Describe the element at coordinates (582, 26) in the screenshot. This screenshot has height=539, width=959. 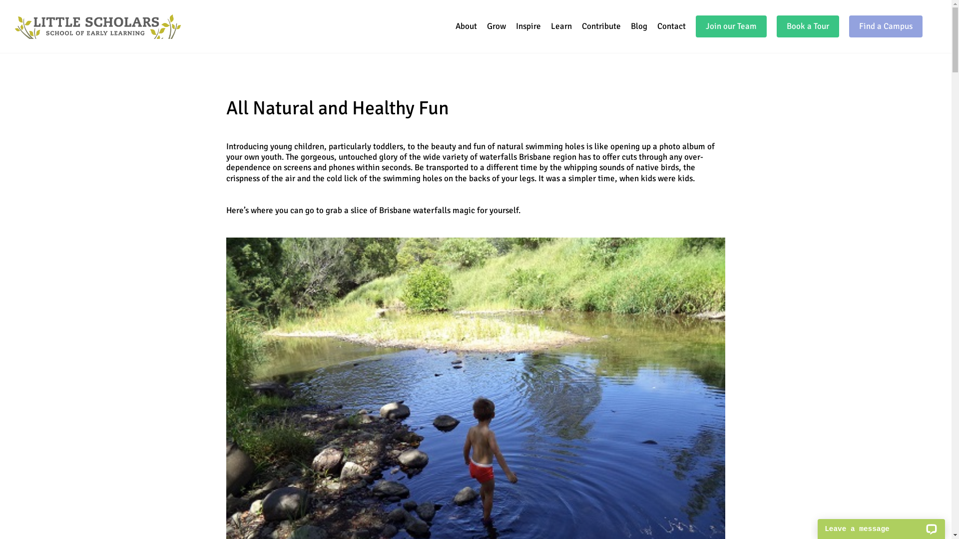
I see `'Contribute'` at that location.